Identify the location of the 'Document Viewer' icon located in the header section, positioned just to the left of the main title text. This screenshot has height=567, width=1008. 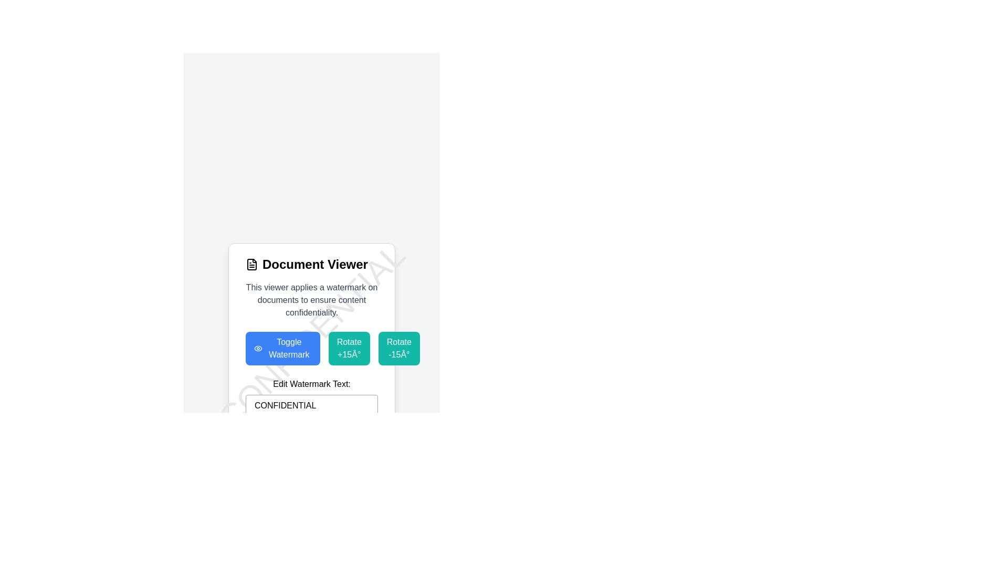
(252, 264).